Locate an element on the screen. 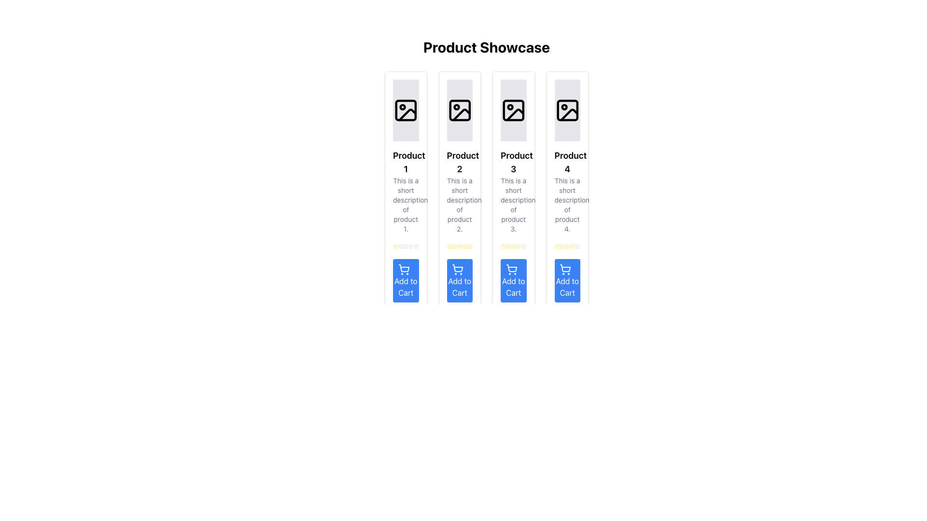 This screenshot has height=521, width=927. the fourth star icon in the rating system under 'Product 4' is located at coordinates (567, 246).